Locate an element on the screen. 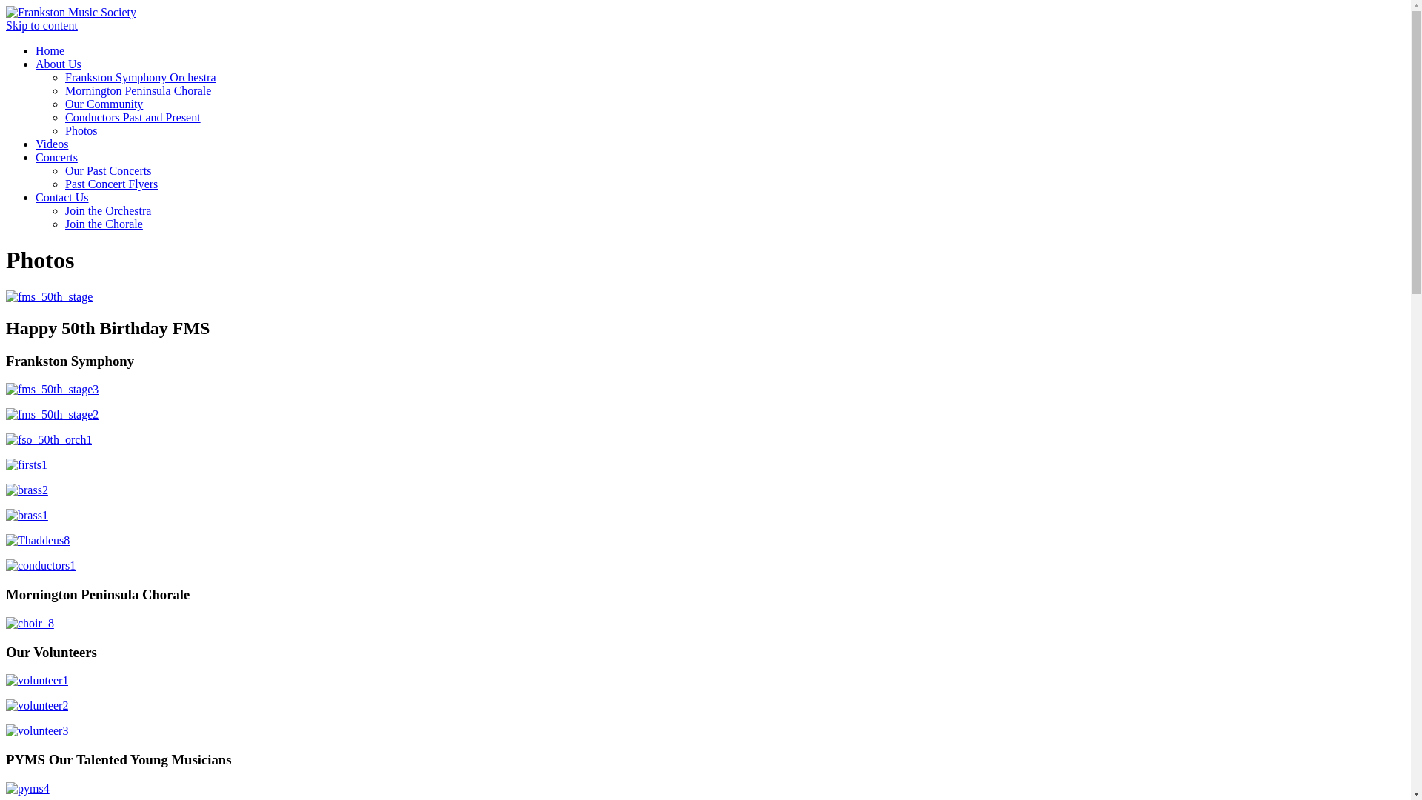 The height and width of the screenshot is (800, 1422). 'Conductors Past and Present' is located at coordinates (64, 116).